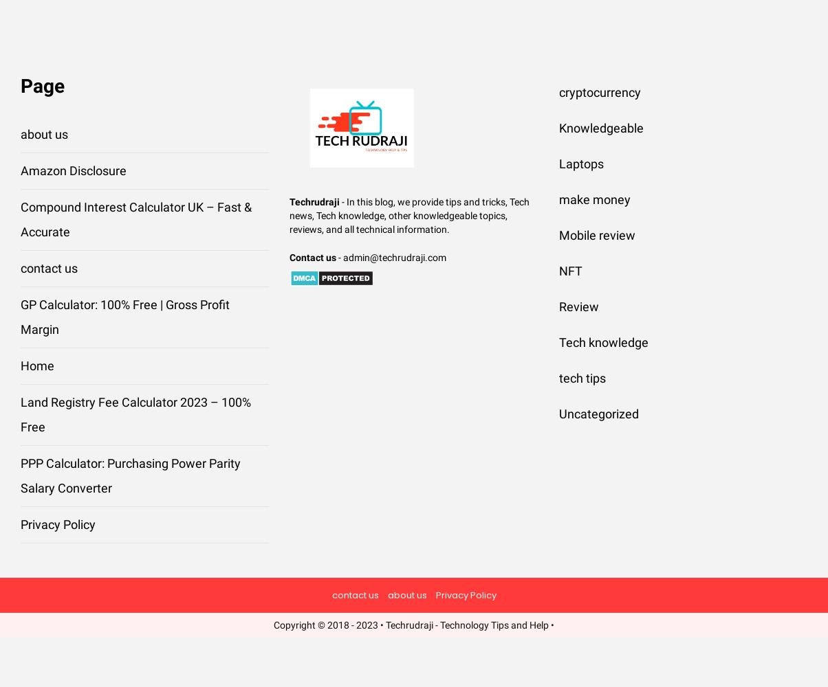 The height and width of the screenshot is (687, 828). What do you see at coordinates (414, 625) in the screenshot?
I see `'Copyright © 2018 - 2023 • Techrudraji - Technology Tips and Help •'` at bounding box center [414, 625].